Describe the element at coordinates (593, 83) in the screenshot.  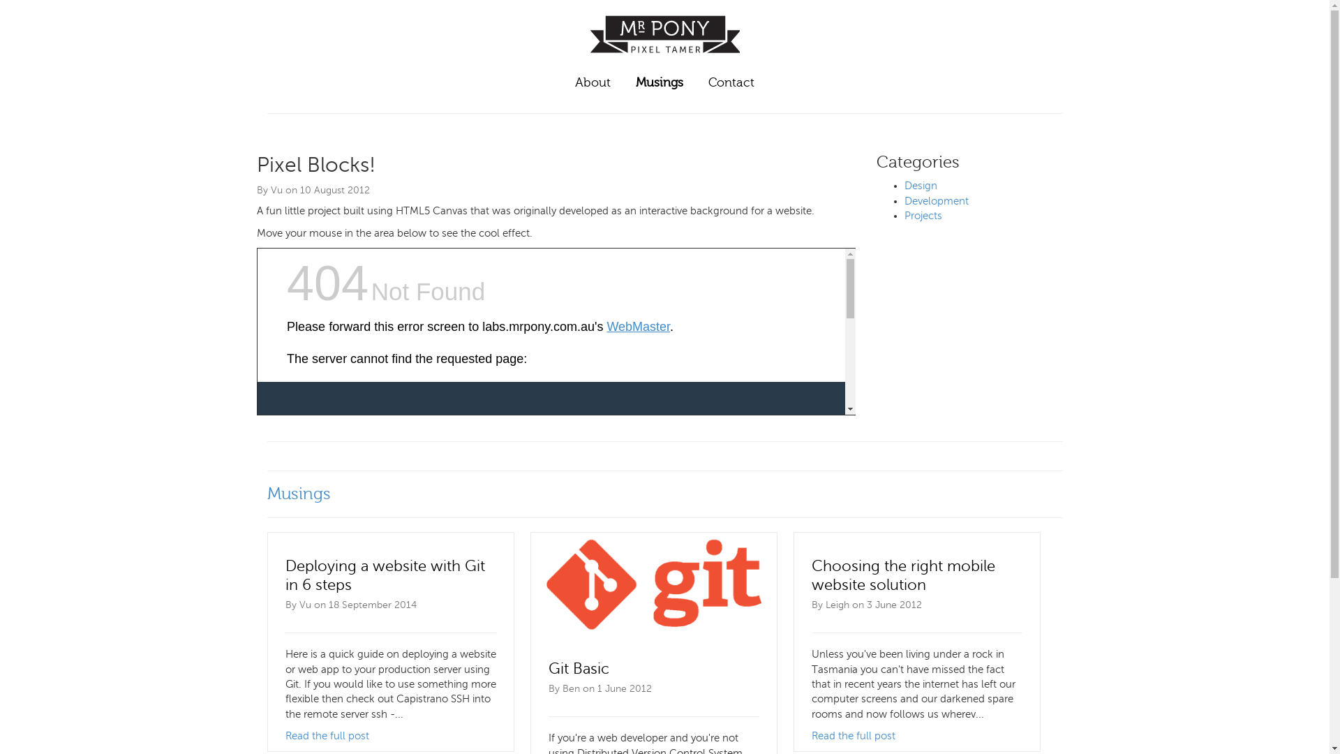
I see `'About'` at that location.